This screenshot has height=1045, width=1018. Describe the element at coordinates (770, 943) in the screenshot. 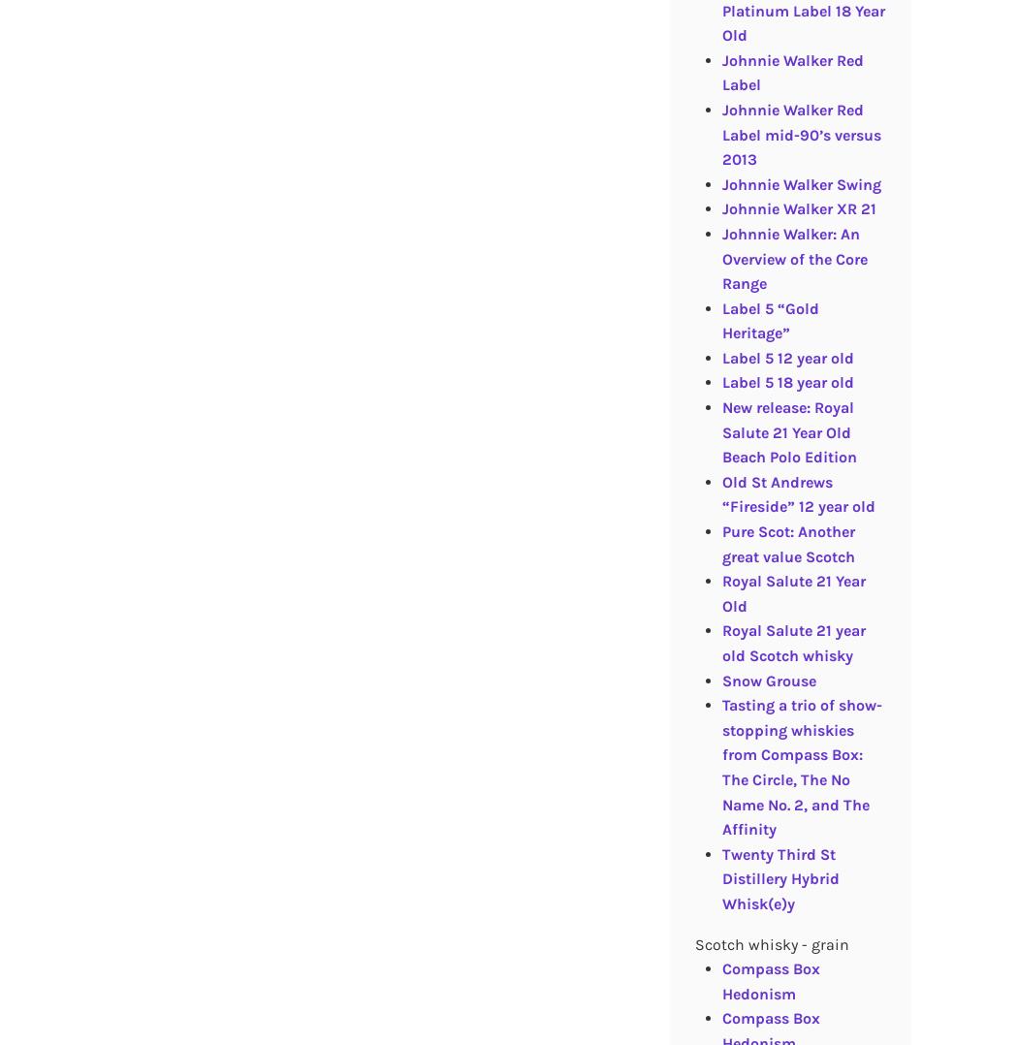

I see `'Scotch whisky - grain'` at that location.